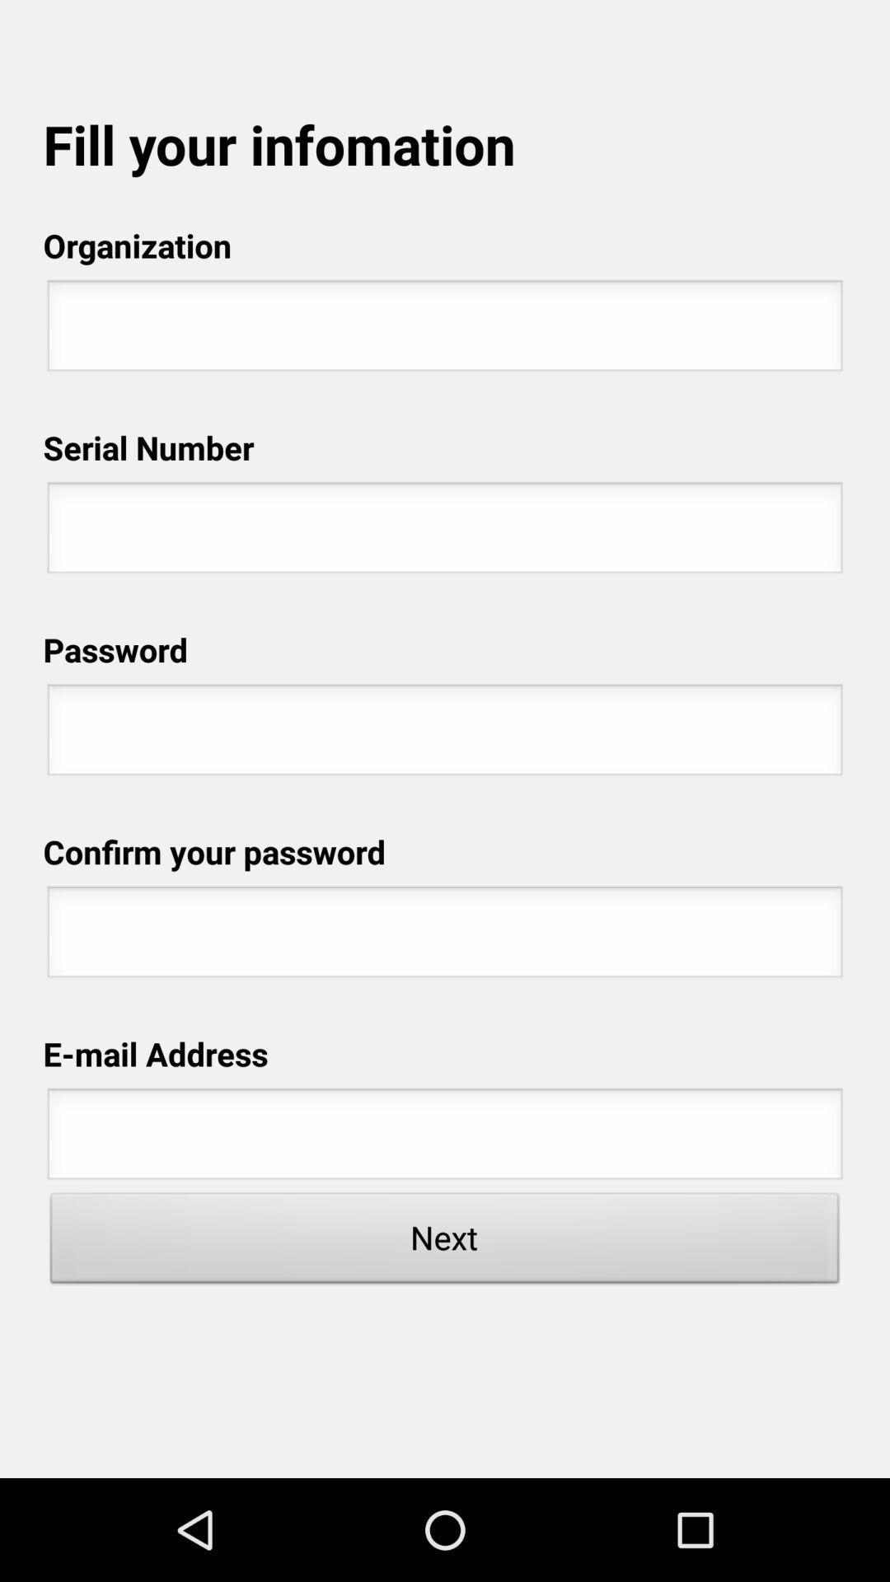  I want to click on your serial number, so click(445, 532).